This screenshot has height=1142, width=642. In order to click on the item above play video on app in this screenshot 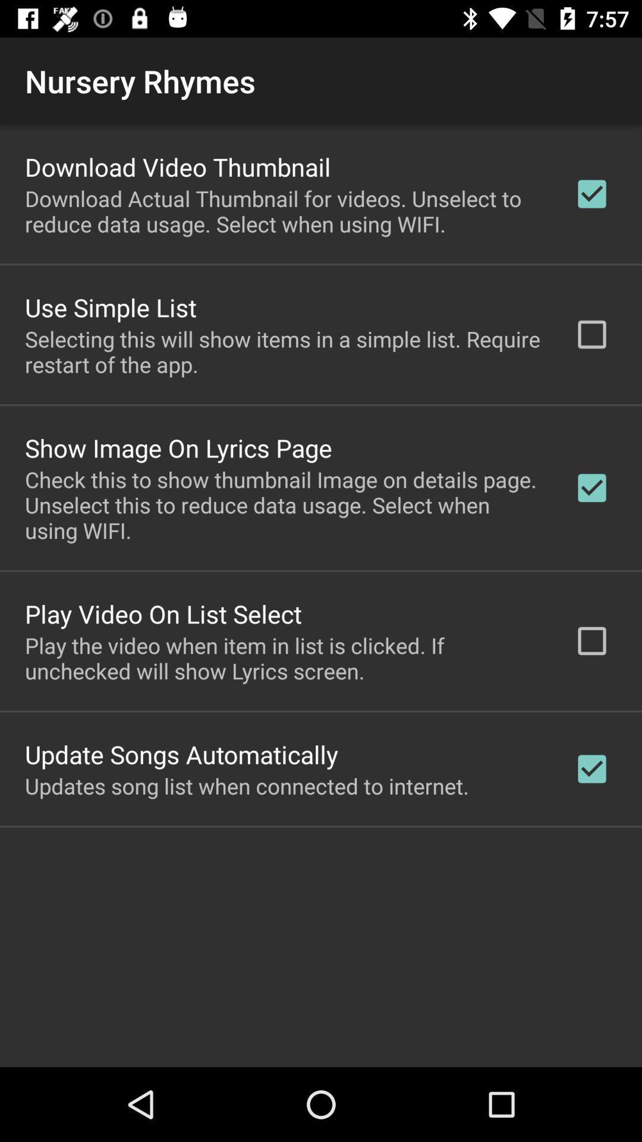, I will do `click(284, 505)`.